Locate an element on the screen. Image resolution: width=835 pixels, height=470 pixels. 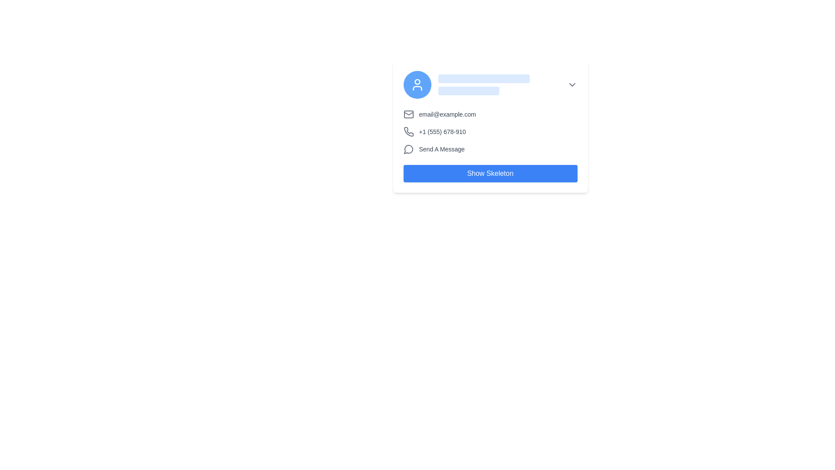
the mail icon, which is styled with a light gray hue and represents an envelope, located to the left of the text 'email@example.com' is located at coordinates (408, 114).